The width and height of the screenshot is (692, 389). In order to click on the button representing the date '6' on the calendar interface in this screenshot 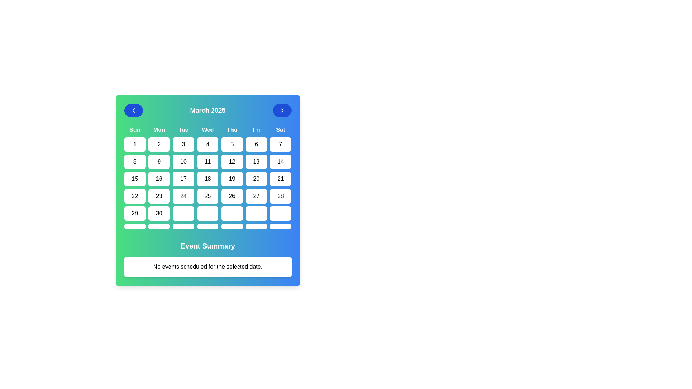, I will do `click(256, 144)`.